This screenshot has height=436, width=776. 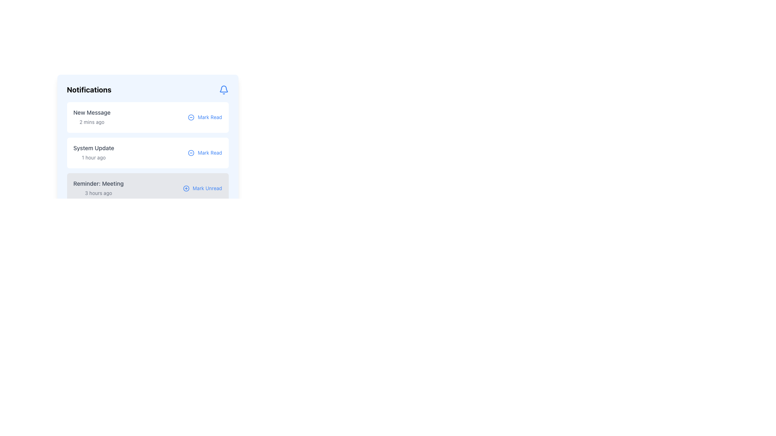 I want to click on the interactive text link with an accompanying icon in the bottom-right corner of the 'System Update' notification card to mark the notification as read, so click(x=205, y=153).